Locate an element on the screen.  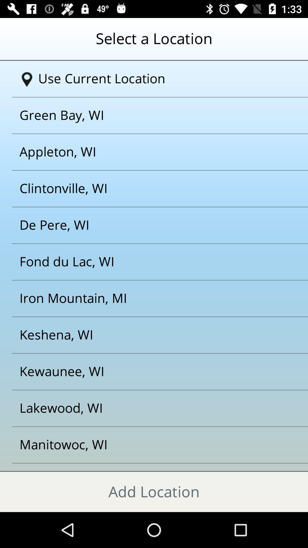
clintonville wi above the appleton wi is located at coordinates (147, 189).